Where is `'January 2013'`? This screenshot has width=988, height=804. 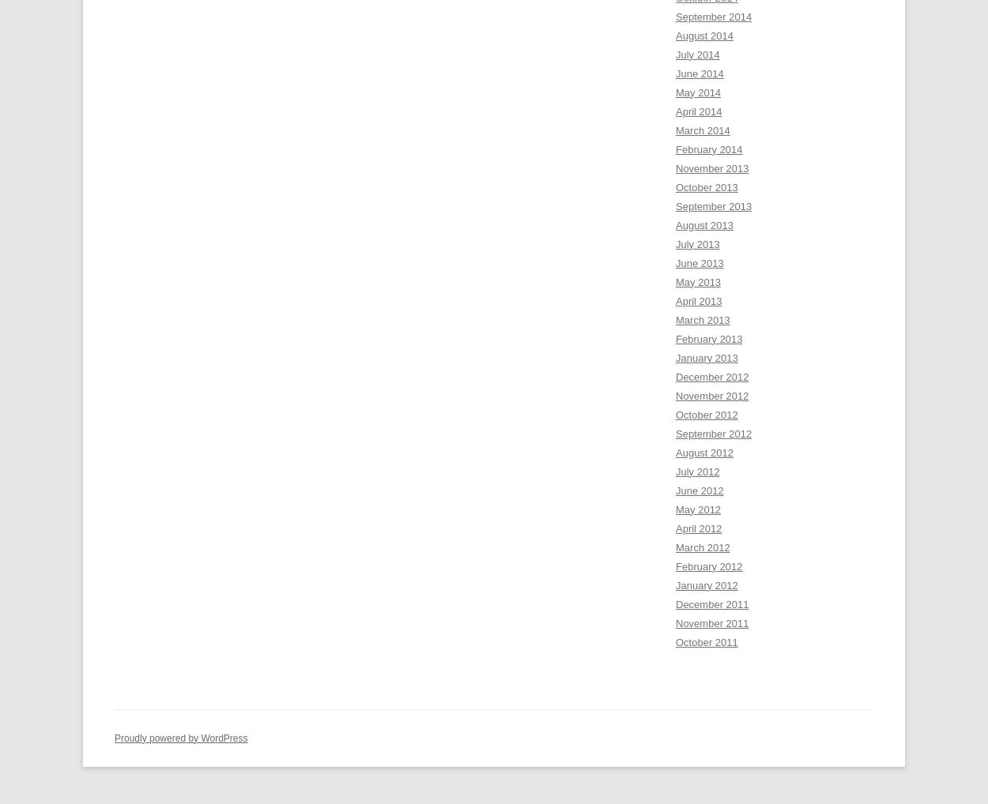 'January 2013' is located at coordinates (706, 356).